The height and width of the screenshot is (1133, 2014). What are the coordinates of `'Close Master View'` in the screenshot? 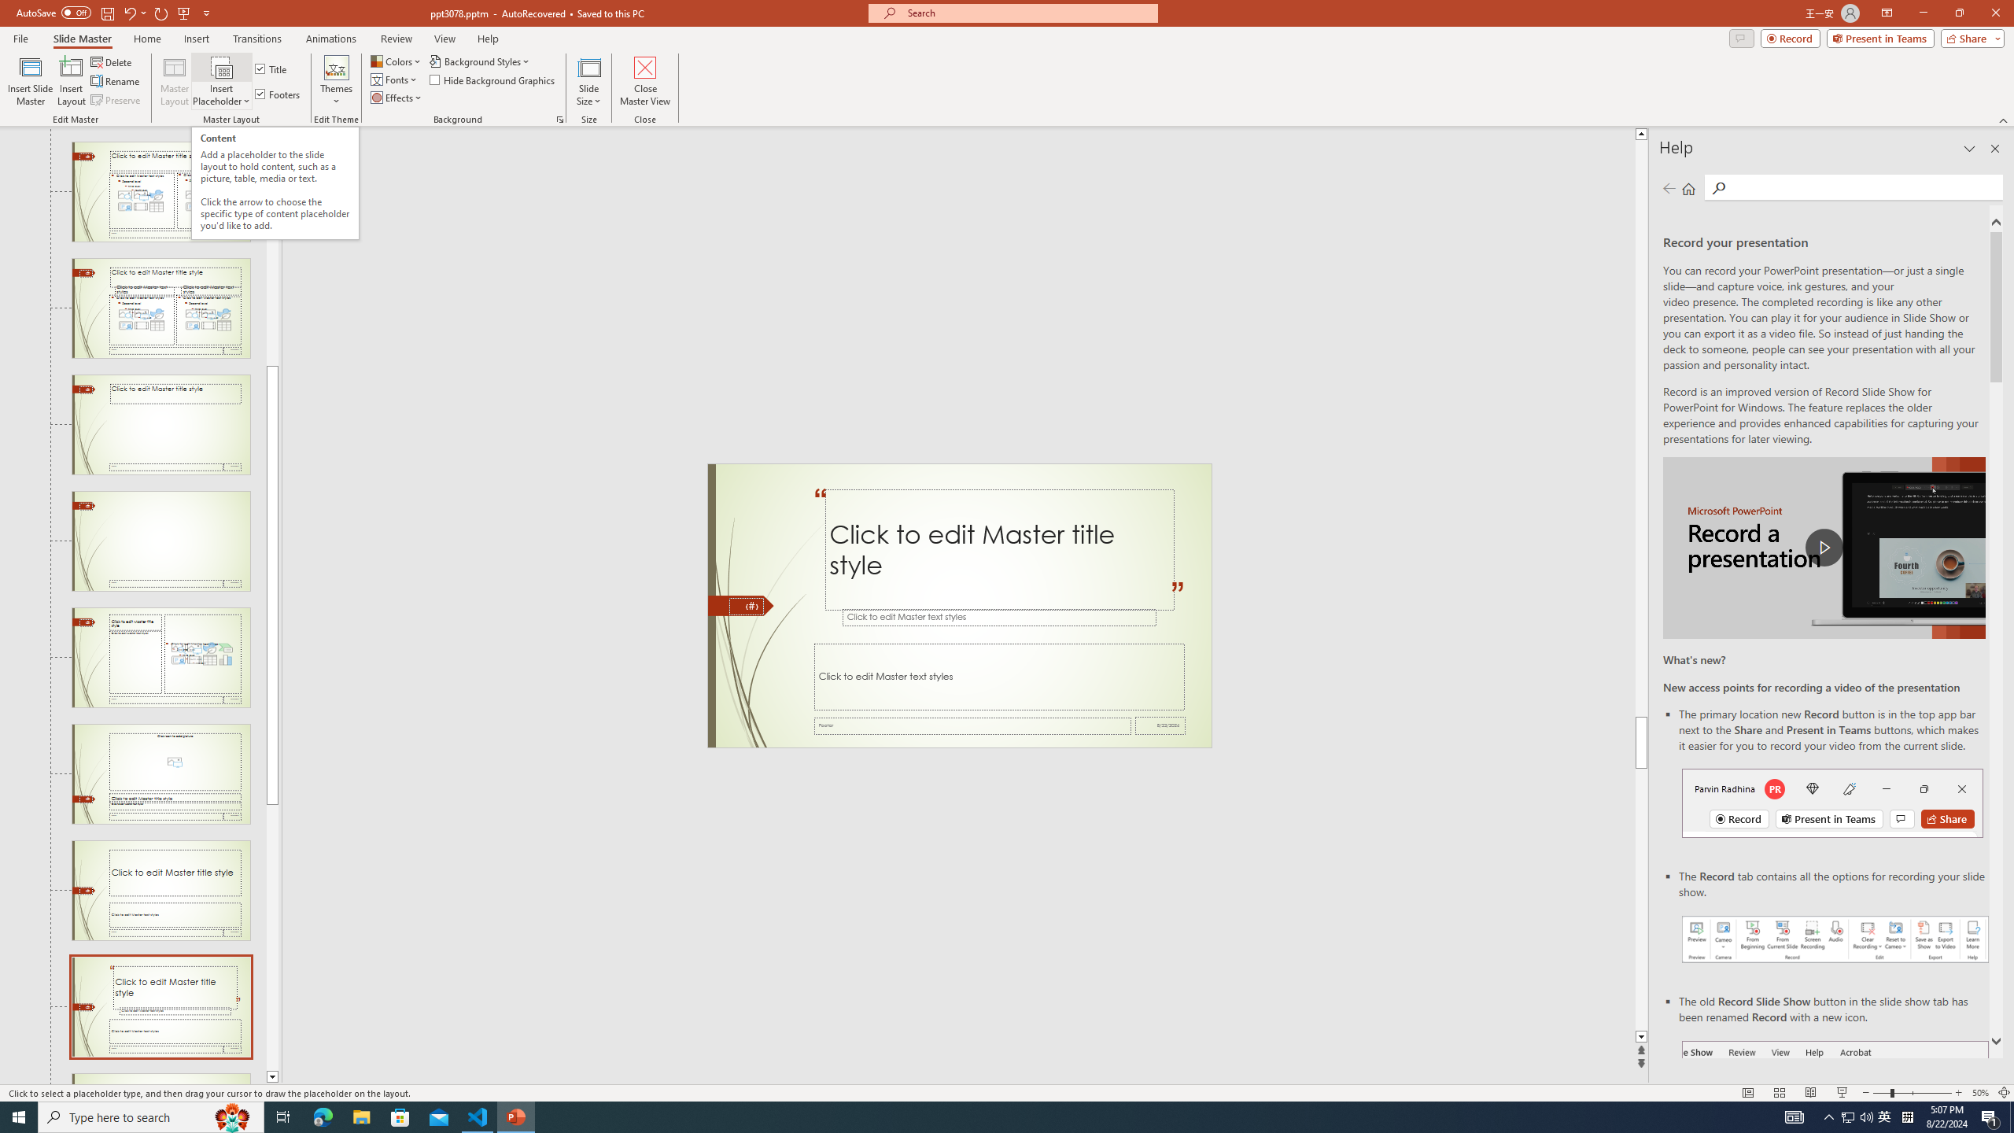 It's located at (644, 81).